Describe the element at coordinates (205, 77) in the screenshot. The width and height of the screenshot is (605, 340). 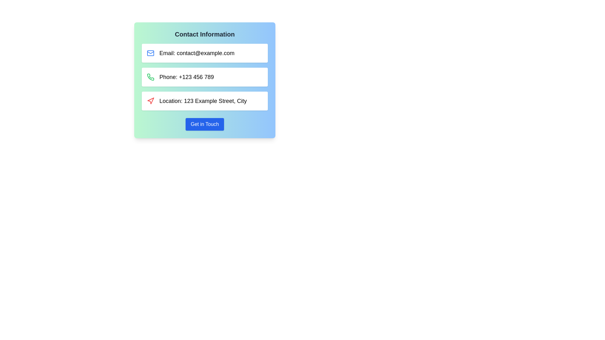
I see `the center of the vertical list of contact information entries to focus on it` at that location.